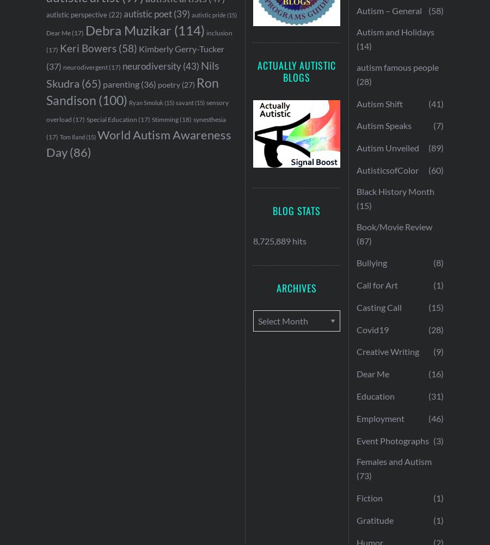 Image resolution: width=490 pixels, height=545 pixels. I want to click on 'Ron Sandison', so click(45, 91).